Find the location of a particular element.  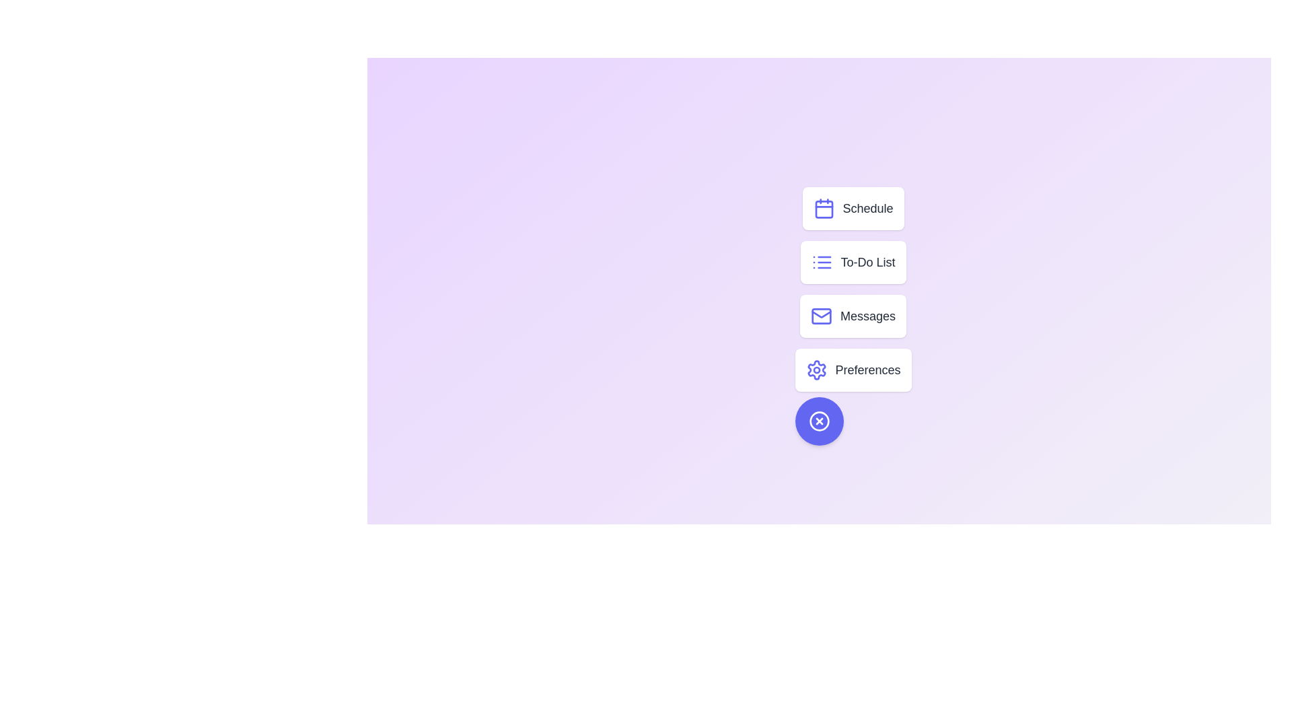

the menu option To-Do List from the speed dial menu is located at coordinates (852, 262).